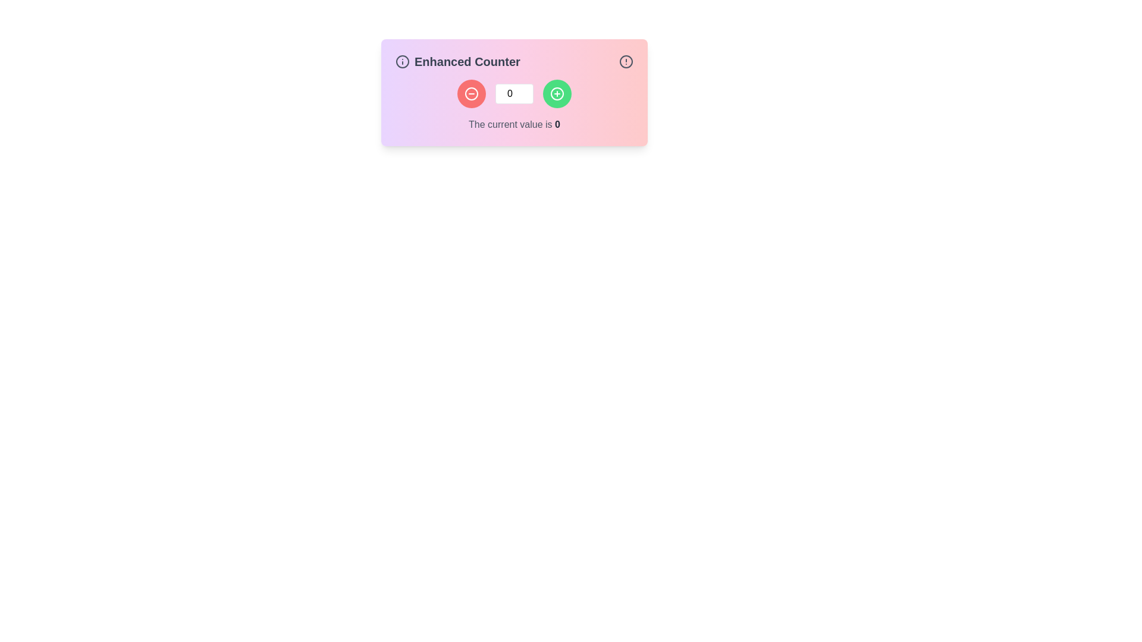 The height and width of the screenshot is (642, 1142). I want to click on the SVG Circle located in the upper-left section of the rounded rectangular interface, surrounded by a plus button and a central value display, so click(470, 93).